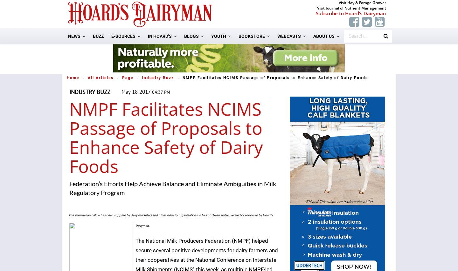 The image size is (458, 271). Describe the element at coordinates (236, 110) in the screenshot. I see `'4-Year Colleges'` at that location.